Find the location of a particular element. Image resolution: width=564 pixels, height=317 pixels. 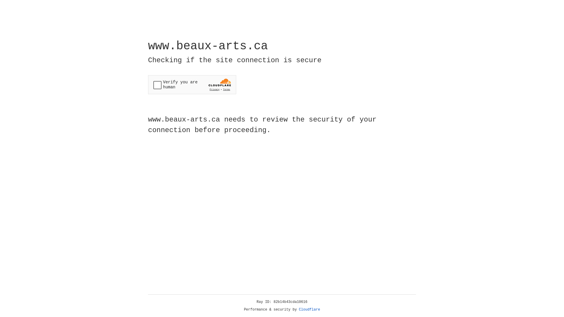

'Cloudflare' is located at coordinates (309, 309).